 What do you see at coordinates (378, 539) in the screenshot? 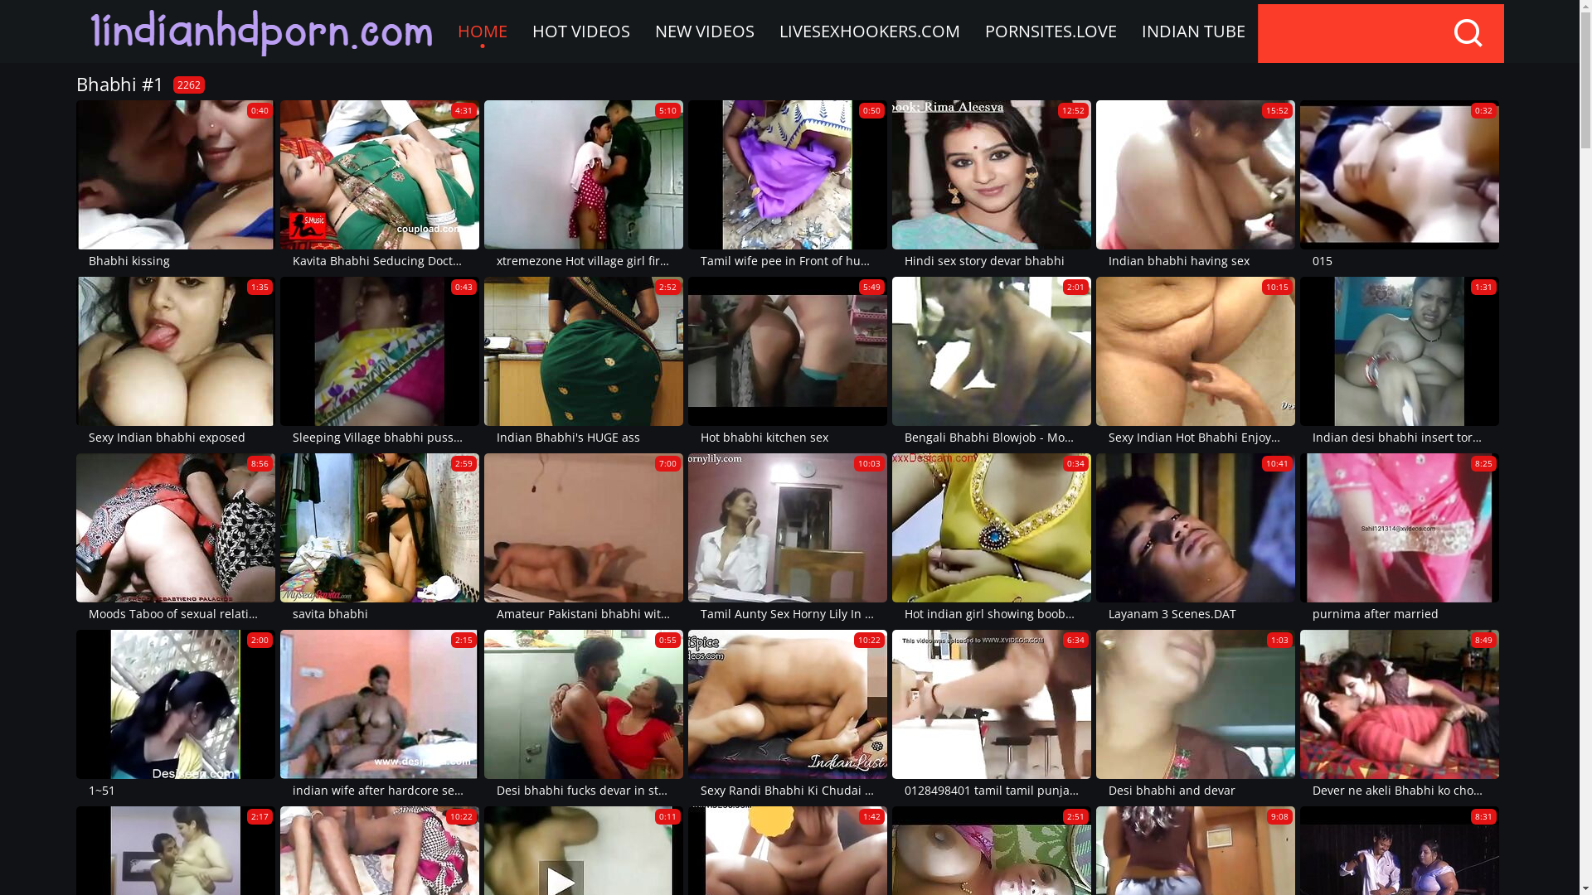
I see `'2:59` at bounding box center [378, 539].